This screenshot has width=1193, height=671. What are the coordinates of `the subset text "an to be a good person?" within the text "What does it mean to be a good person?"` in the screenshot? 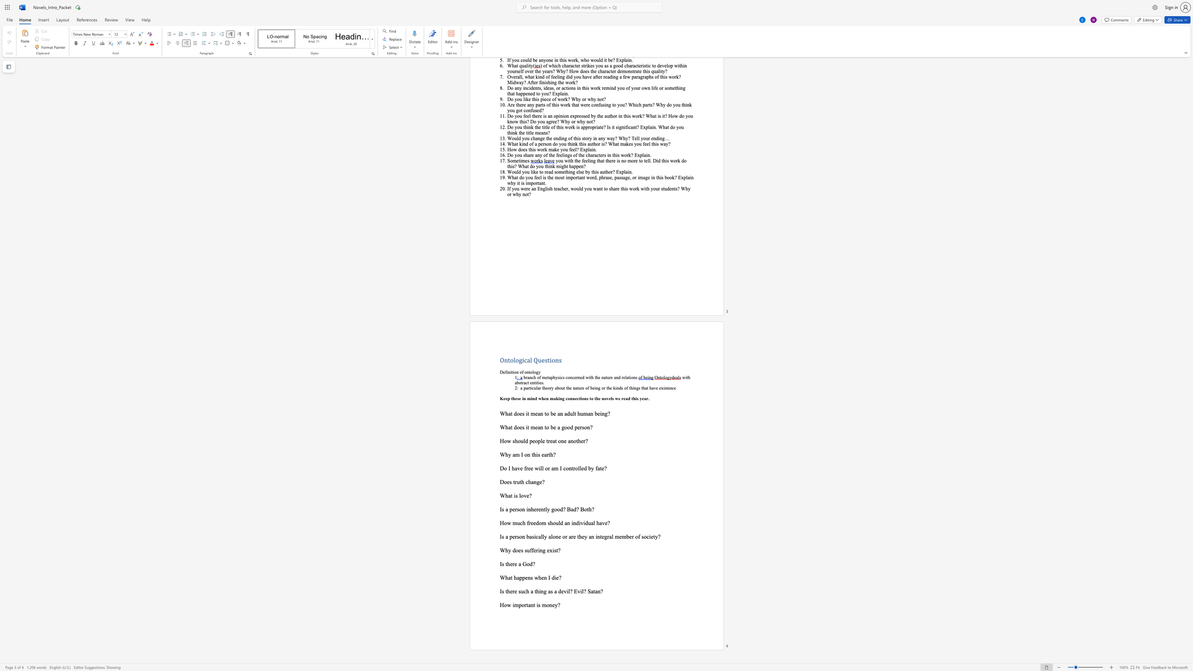 It's located at (537, 427).